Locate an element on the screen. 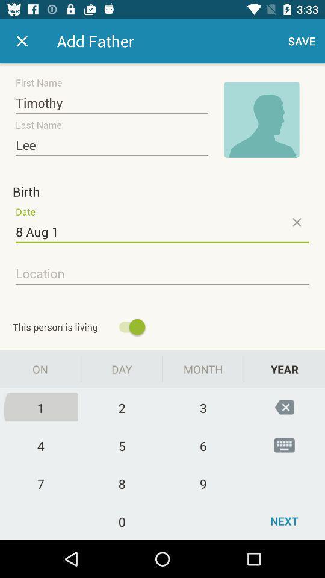 The height and width of the screenshot is (578, 325). exit button is located at coordinates (22, 41).